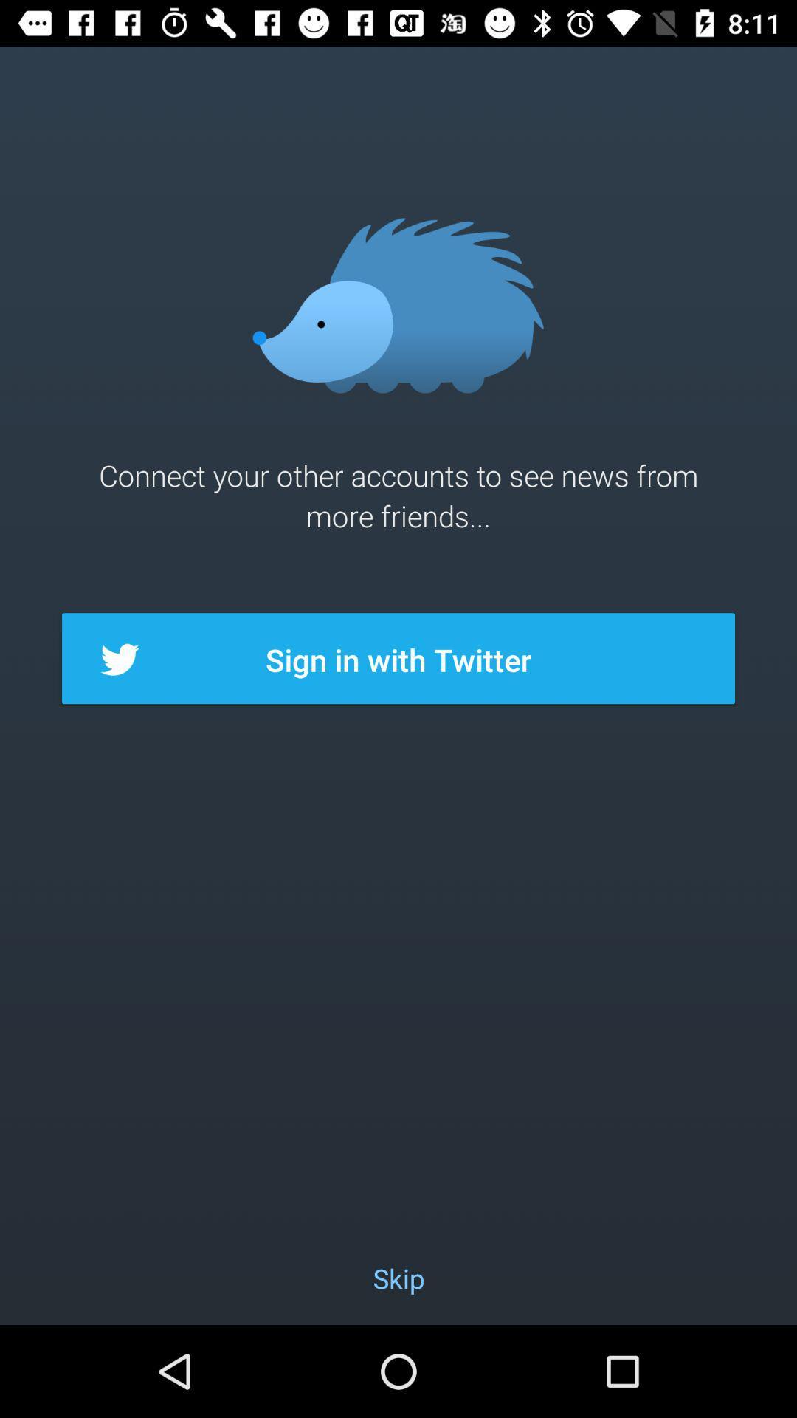 This screenshot has width=797, height=1418. What do you see at coordinates (398, 659) in the screenshot?
I see `the icon below connect your other icon` at bounding box center [398, 659].